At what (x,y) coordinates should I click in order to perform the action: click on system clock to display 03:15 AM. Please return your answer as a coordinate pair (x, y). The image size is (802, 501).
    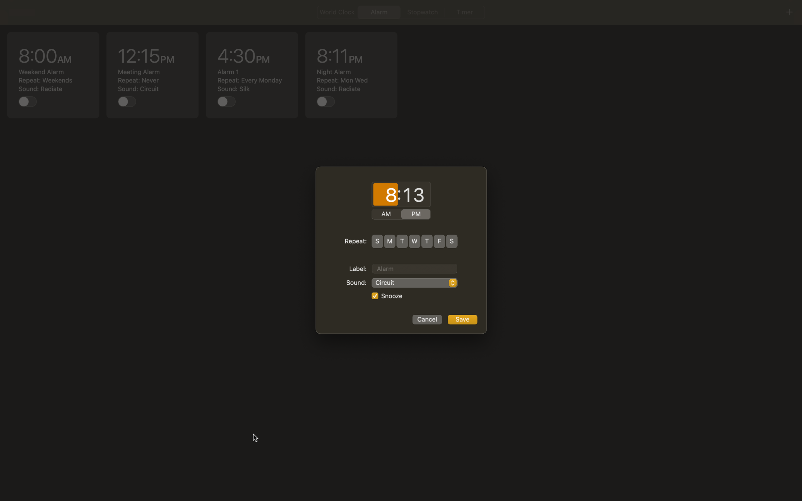
    Looking at the image, I should click on (385, 195).